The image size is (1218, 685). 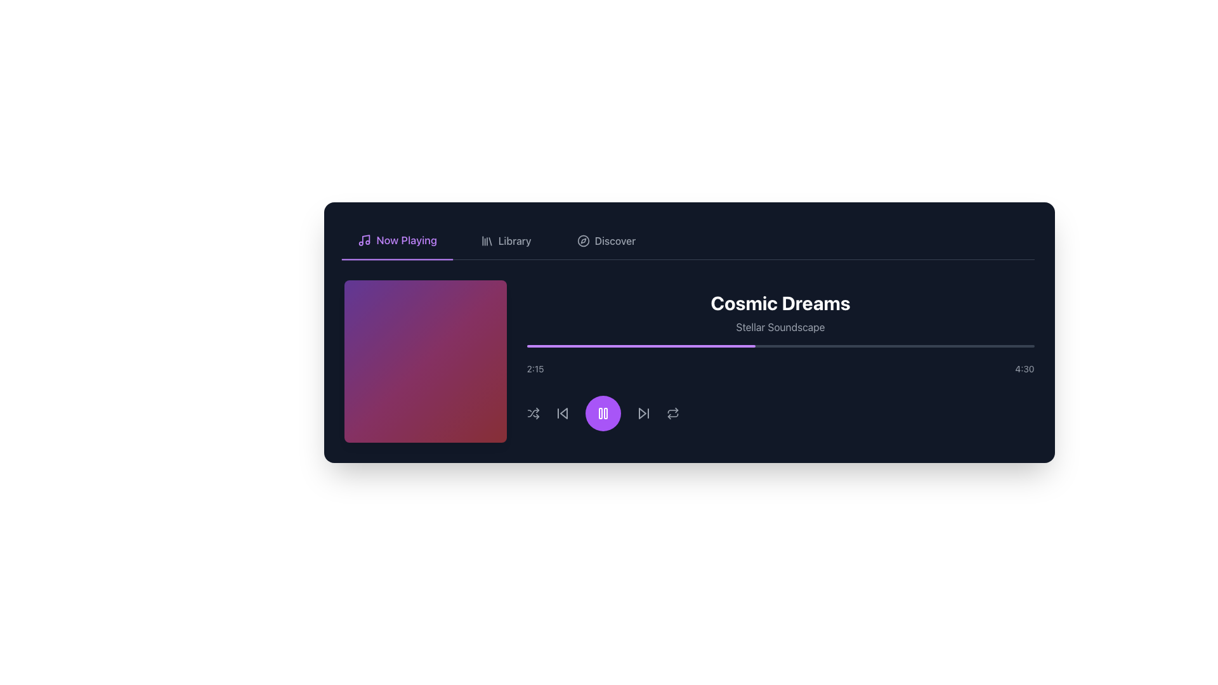 I want to click on the text label displaying 'Stellar Soundscape', which is styled in gray and positioned below the 'Cosmic Dreams' title on the audio player interface, so click(x=780, y=327).